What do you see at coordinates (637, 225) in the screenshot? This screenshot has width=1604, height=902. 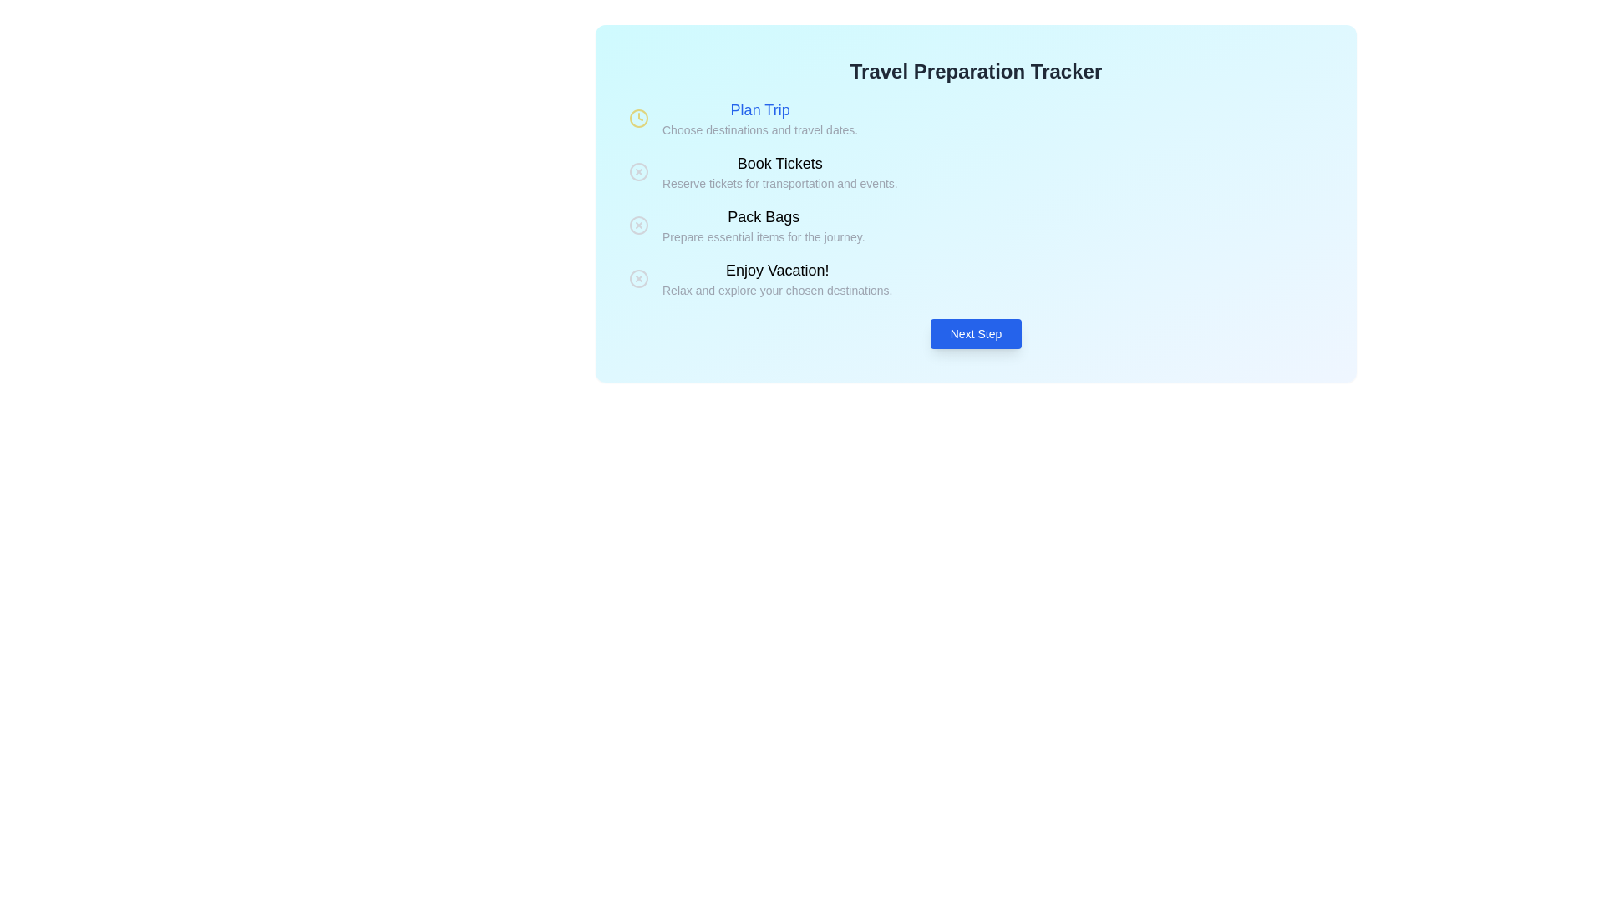 I see `the circular icon with a gray outline and cross inside, located to the left of the text 'Pack Bags'` at bounding box center [637, 225].